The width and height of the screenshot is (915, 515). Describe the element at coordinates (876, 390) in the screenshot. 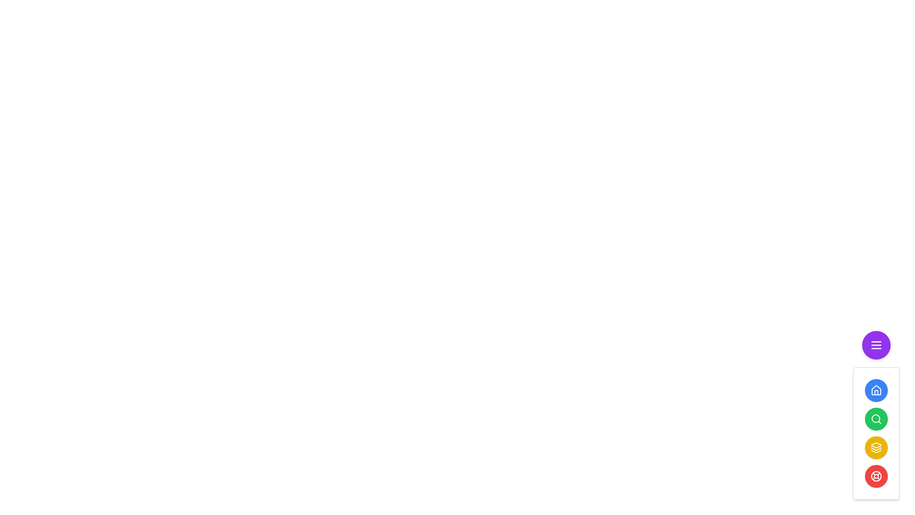

I see `the top circular blue button with a white house icon` at that location.